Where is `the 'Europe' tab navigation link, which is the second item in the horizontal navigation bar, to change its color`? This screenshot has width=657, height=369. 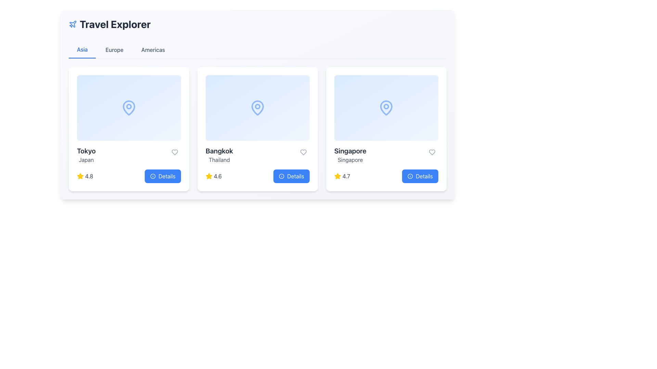 the 'Europe' tab navigation link, which is the second item in the horizontal navigation bar, to change its color is located at coordinates (114, 50).